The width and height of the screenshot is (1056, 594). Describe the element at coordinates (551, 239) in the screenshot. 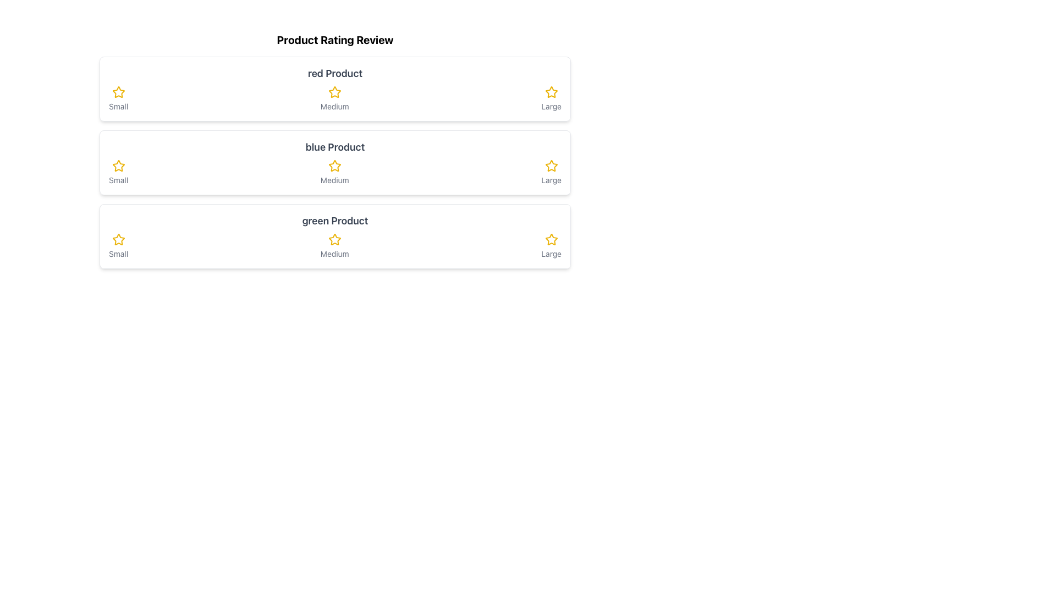

I see `the rating icon located in the 'green Product' section, adjacent to the label 'Large', indicating the rating size` at that location.